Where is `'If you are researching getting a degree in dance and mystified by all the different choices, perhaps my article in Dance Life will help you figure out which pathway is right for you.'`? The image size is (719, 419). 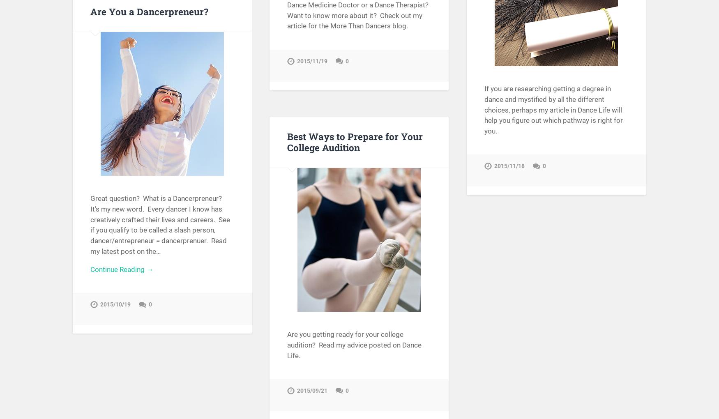
'If you are researching getting a degree in dance and mystified by all the different choices, perhaps my article in Dance Life will help you figure out which pathway is right for you.' is located at coordinates (553, 109).